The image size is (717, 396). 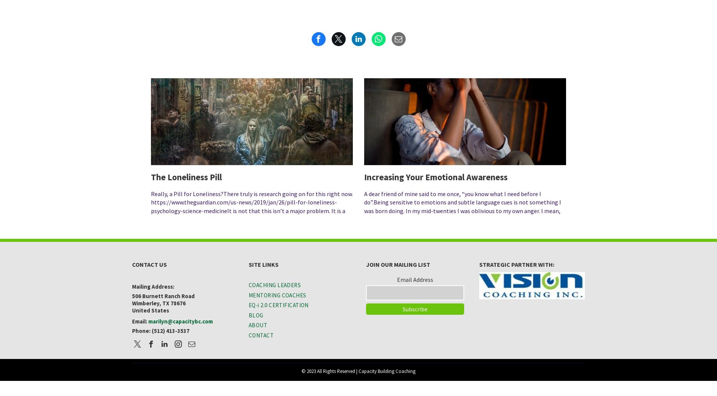 What do you see at coordinates (131, 321) in the screenshot?
I see `'Email:'` at bounding box center [131, 321].